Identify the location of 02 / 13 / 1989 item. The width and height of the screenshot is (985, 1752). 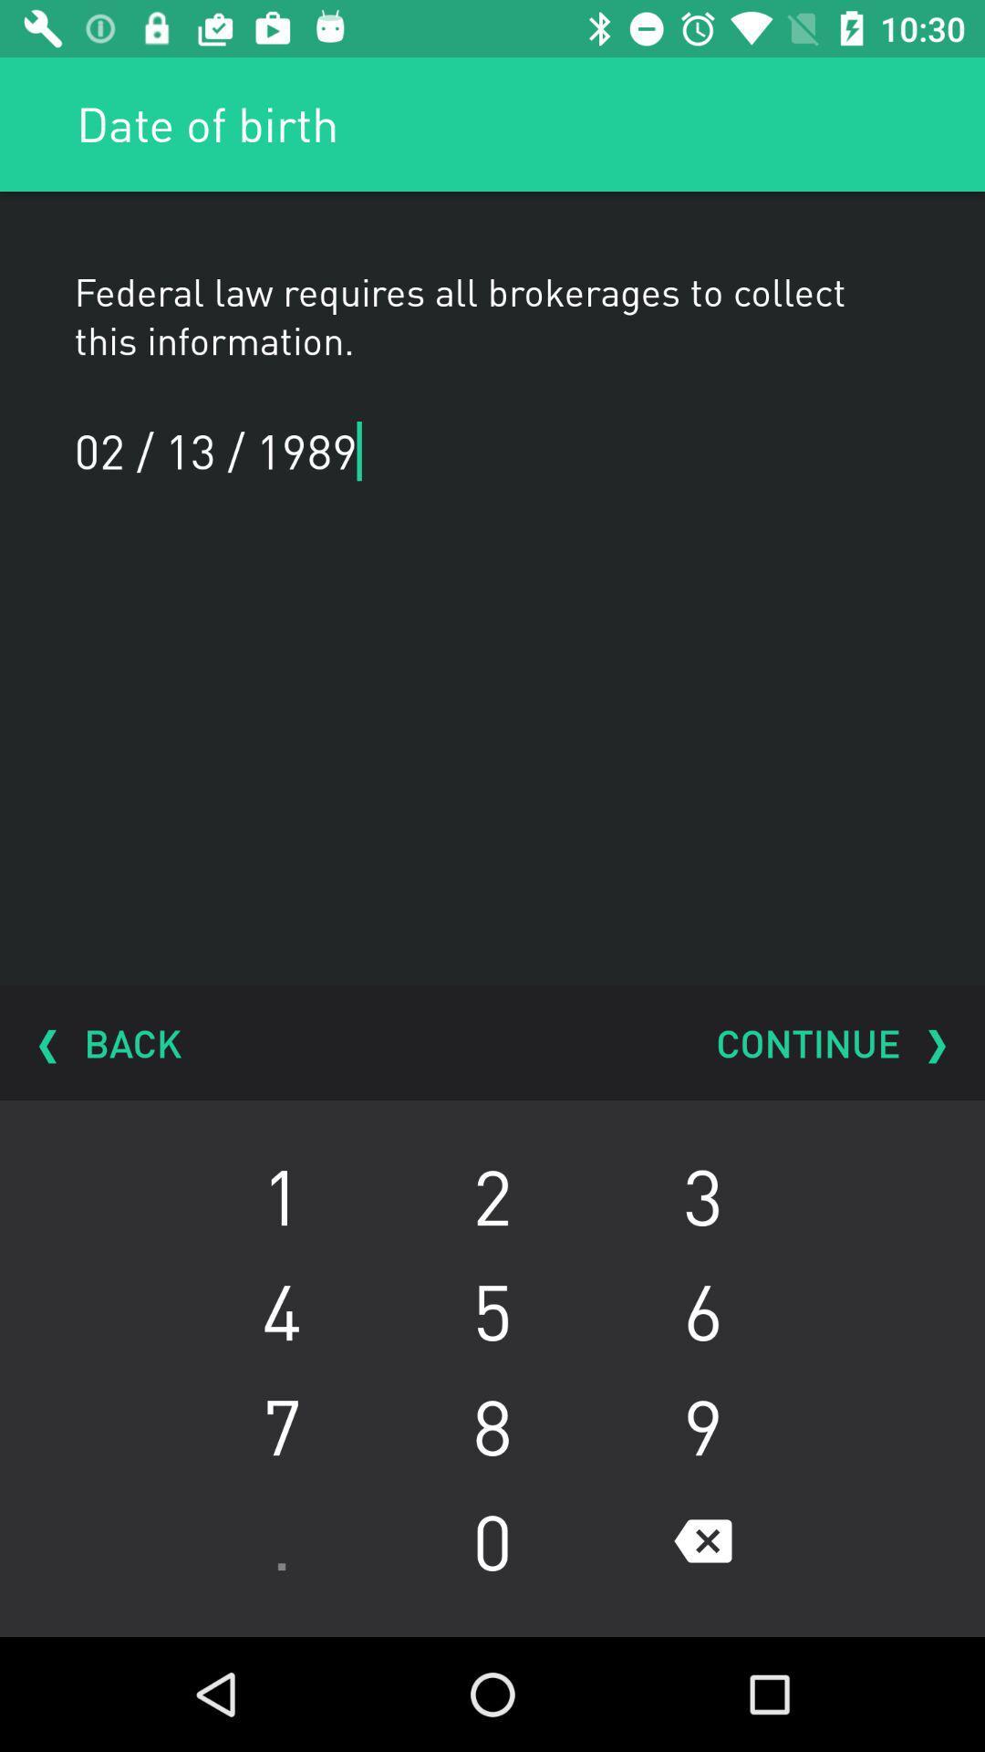
(235, 451).